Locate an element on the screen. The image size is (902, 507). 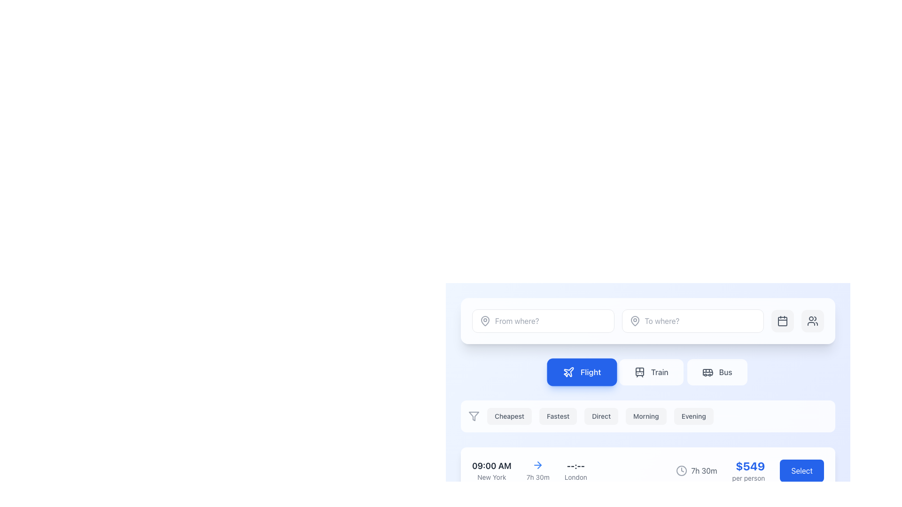
the second input field for specifying the destination location of a trip, located between the 'From where?' field and the calendar icon, to focus on it is located at coordinates (647, 320).